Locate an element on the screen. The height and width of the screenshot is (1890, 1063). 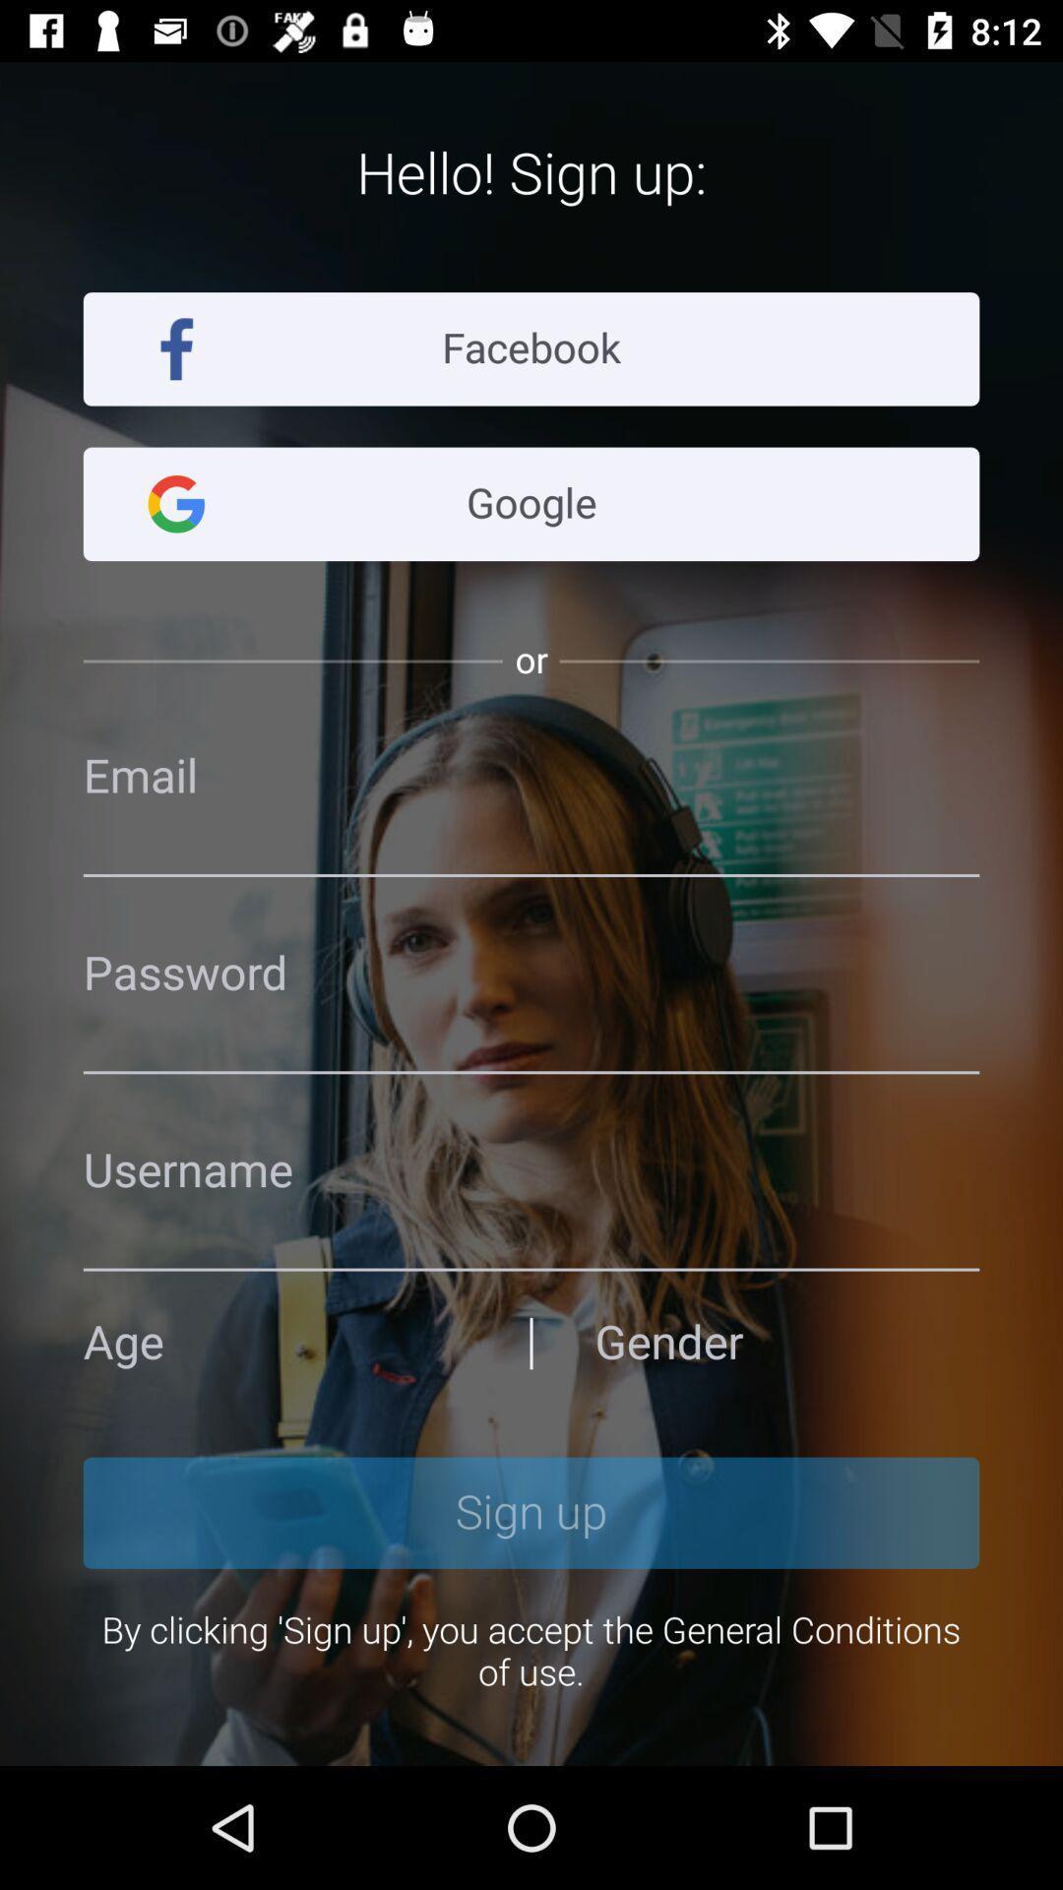
password page is located at coordinates (531, 1170).